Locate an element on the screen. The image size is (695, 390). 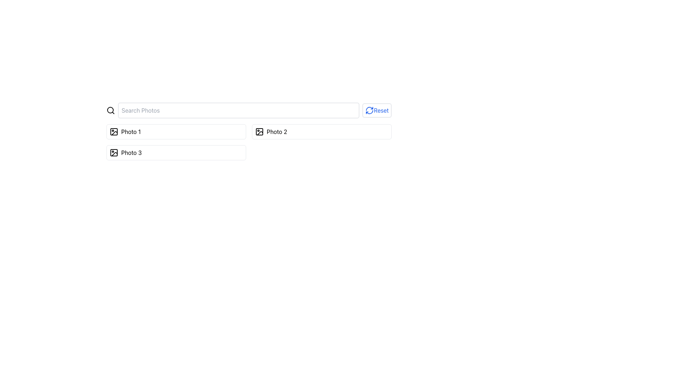
the magnifying glass icon located to the left of the search input field to initiate a search is located at coordinates (110, 110).